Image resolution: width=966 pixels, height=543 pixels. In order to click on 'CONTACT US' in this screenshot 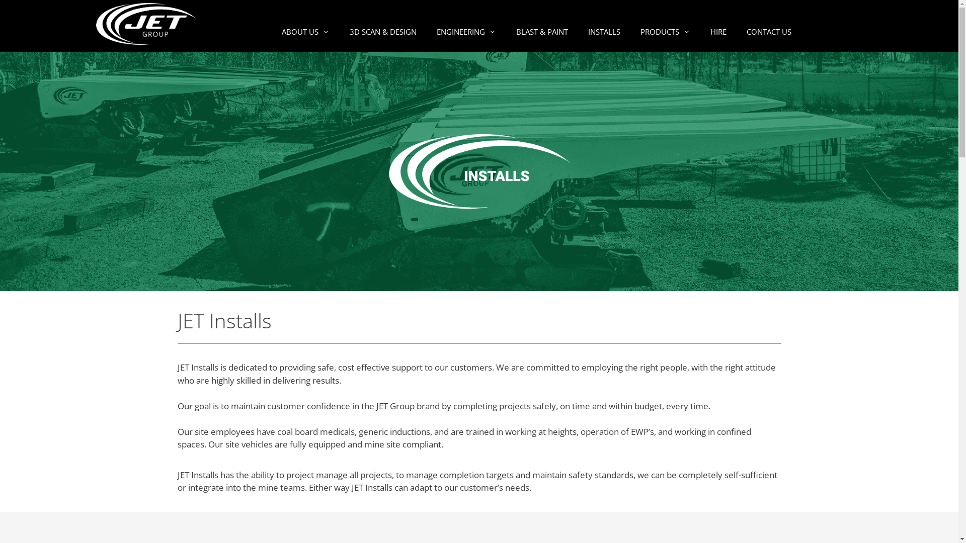, I will do `click(768, 31)`.